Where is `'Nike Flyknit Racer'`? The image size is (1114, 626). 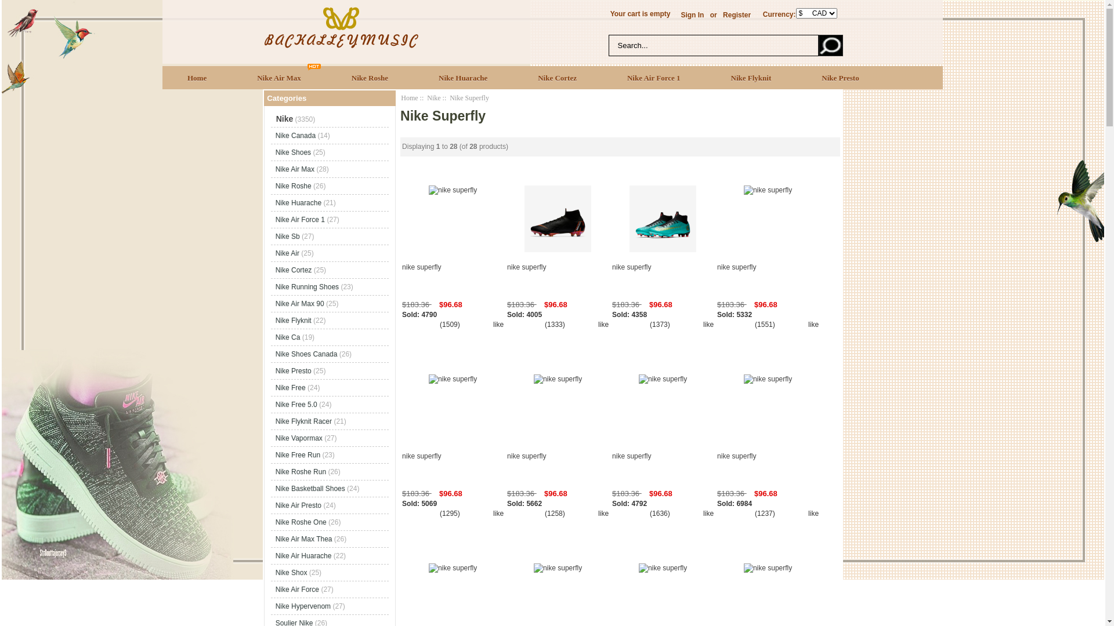 'Nike Flyknit Racer' is located at coordinates (303, 421).